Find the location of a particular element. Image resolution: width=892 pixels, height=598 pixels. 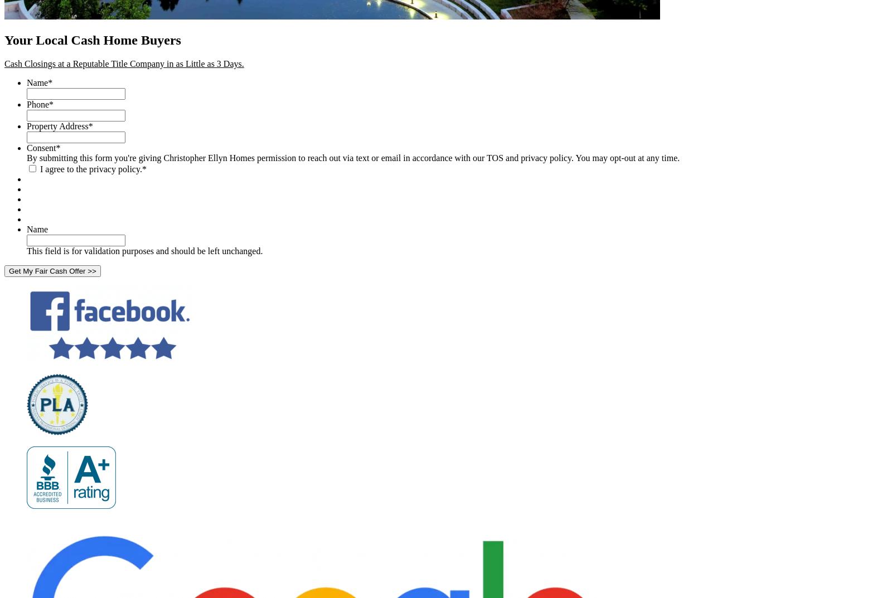

'Consent' is located at coordinates (40, 147).